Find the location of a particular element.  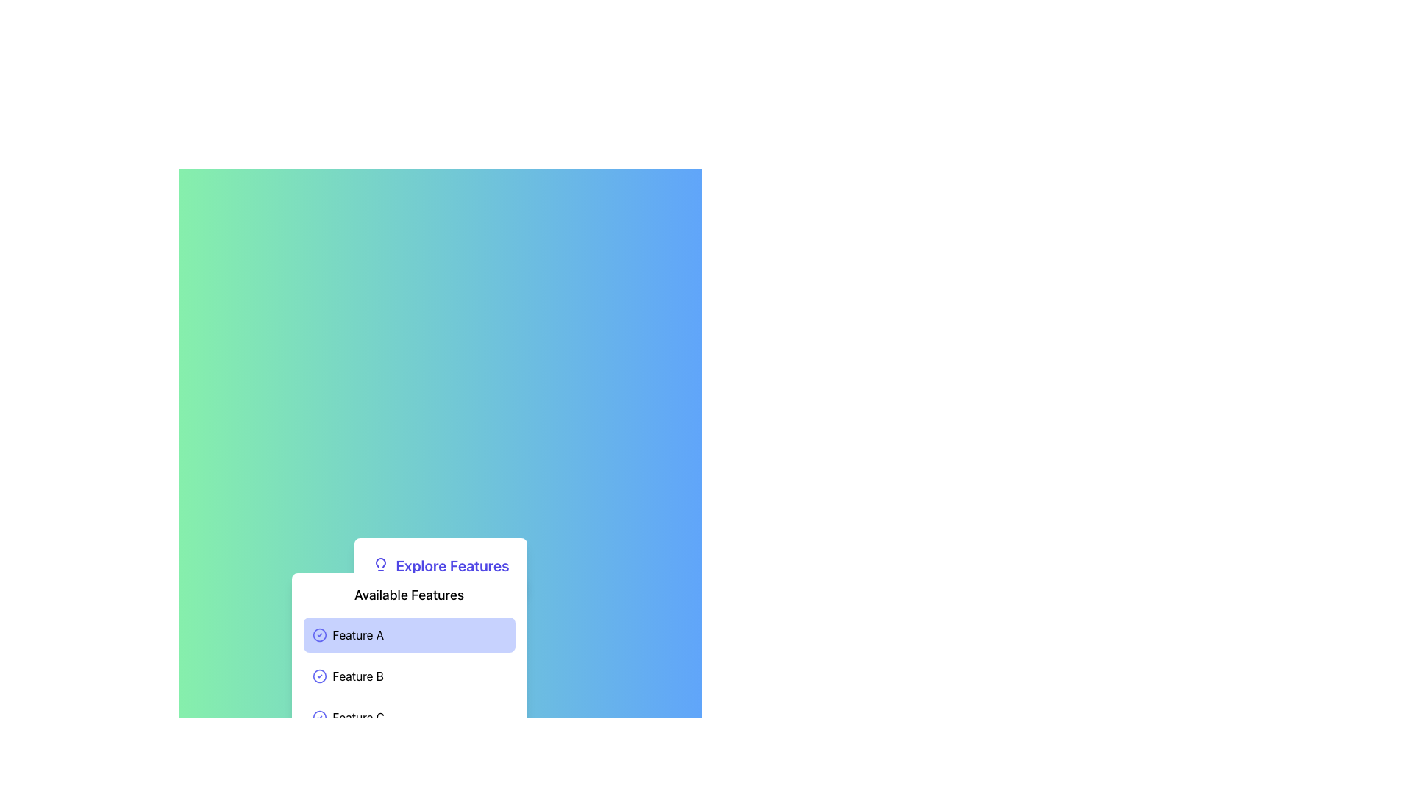

the circular checkmark icon located to the left of the text 'Feature C' in the 'Available Features' section is located at coordinates (318, 716).